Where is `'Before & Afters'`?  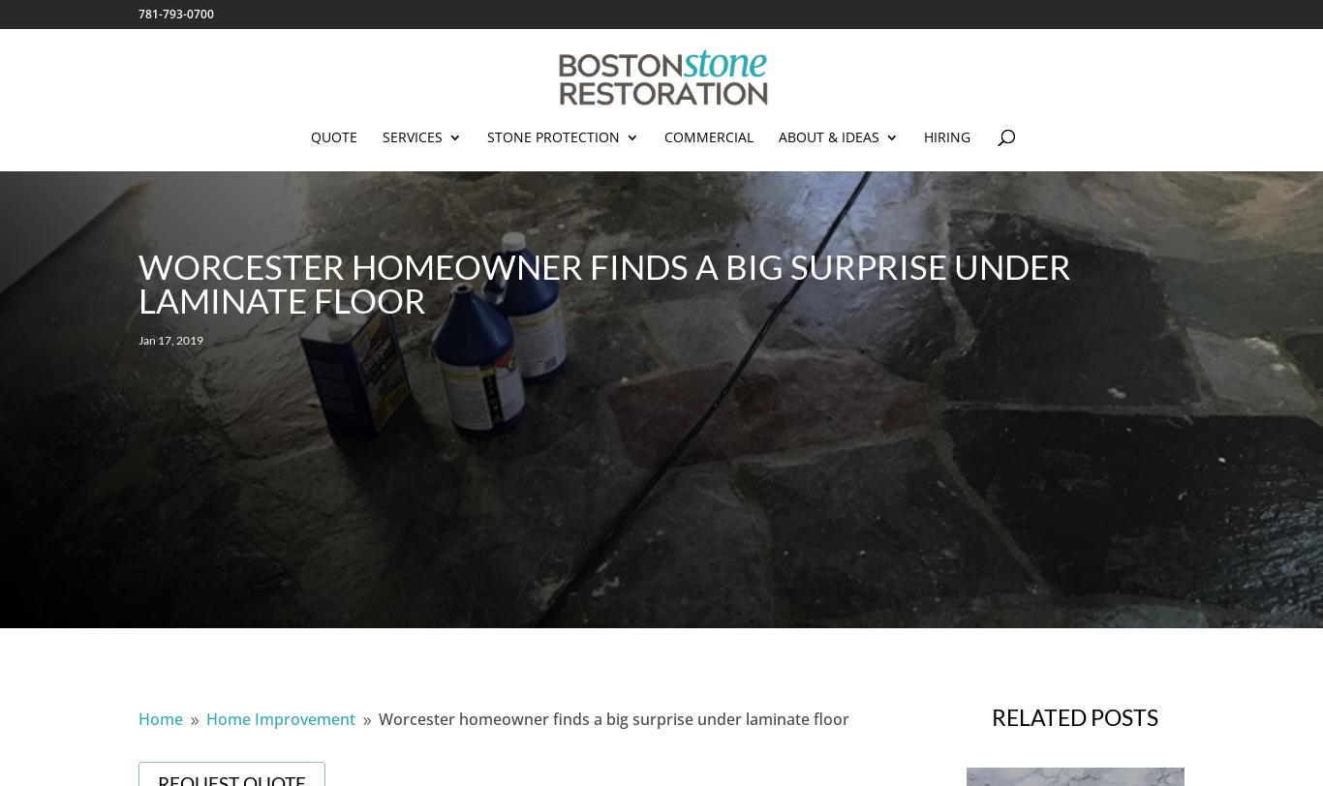 'Before & Afters' is located at coordinates (873, 251).